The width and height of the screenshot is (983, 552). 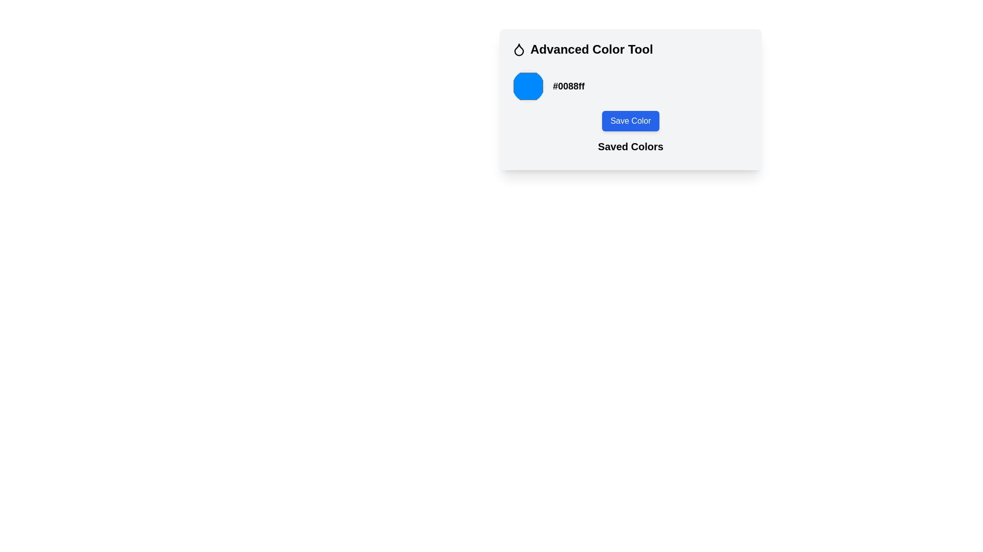 I want to click on the rounded rectangular button with a blue background and white text that says 'Save Color', so click(x=630, y=120).